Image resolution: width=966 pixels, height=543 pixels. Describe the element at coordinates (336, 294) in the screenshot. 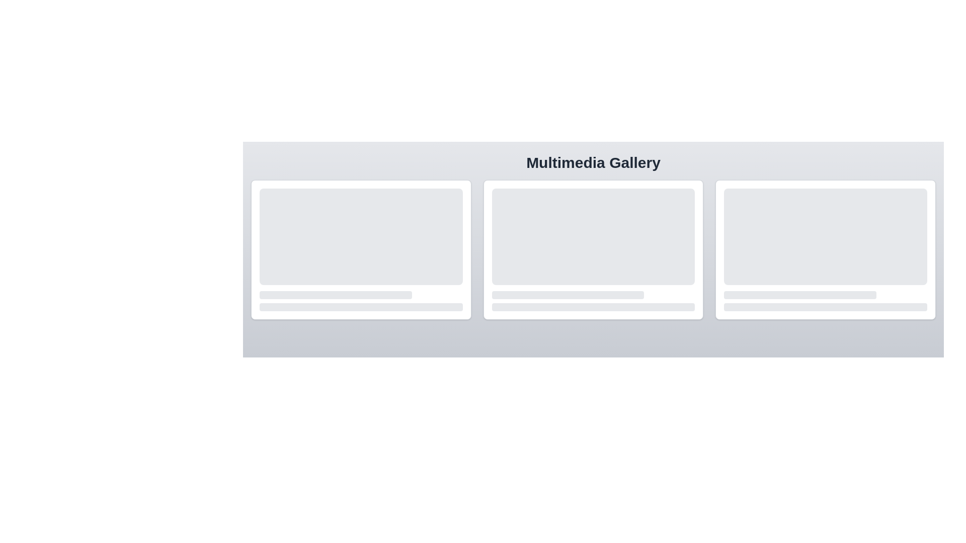

I see `the loading animation of the Placeholder content block located beneath the multimedia display in the first column of the layout` at that location.